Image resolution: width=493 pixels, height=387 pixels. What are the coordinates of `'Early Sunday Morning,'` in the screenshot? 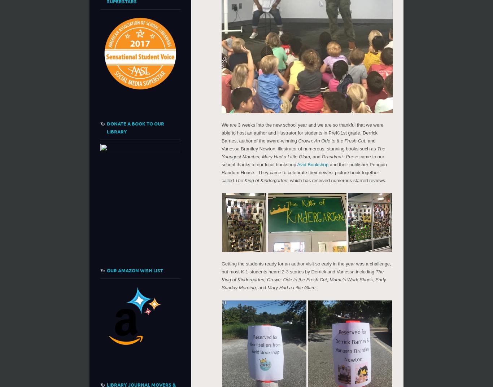 It's located at (221, 283).